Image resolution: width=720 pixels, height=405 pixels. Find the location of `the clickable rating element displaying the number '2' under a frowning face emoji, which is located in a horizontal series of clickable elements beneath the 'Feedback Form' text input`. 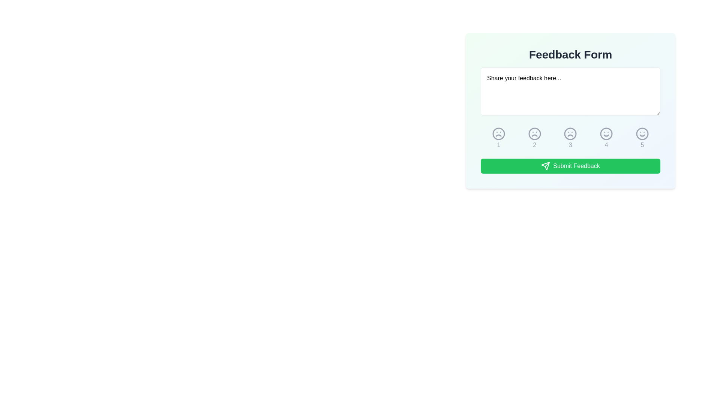

the clickable rating element displaying the number '2' under a frowning face emoji, which is located in a horizontal series of clickable elements beneath the 'Feedback Form' text input is located at coordinates (534, 138).